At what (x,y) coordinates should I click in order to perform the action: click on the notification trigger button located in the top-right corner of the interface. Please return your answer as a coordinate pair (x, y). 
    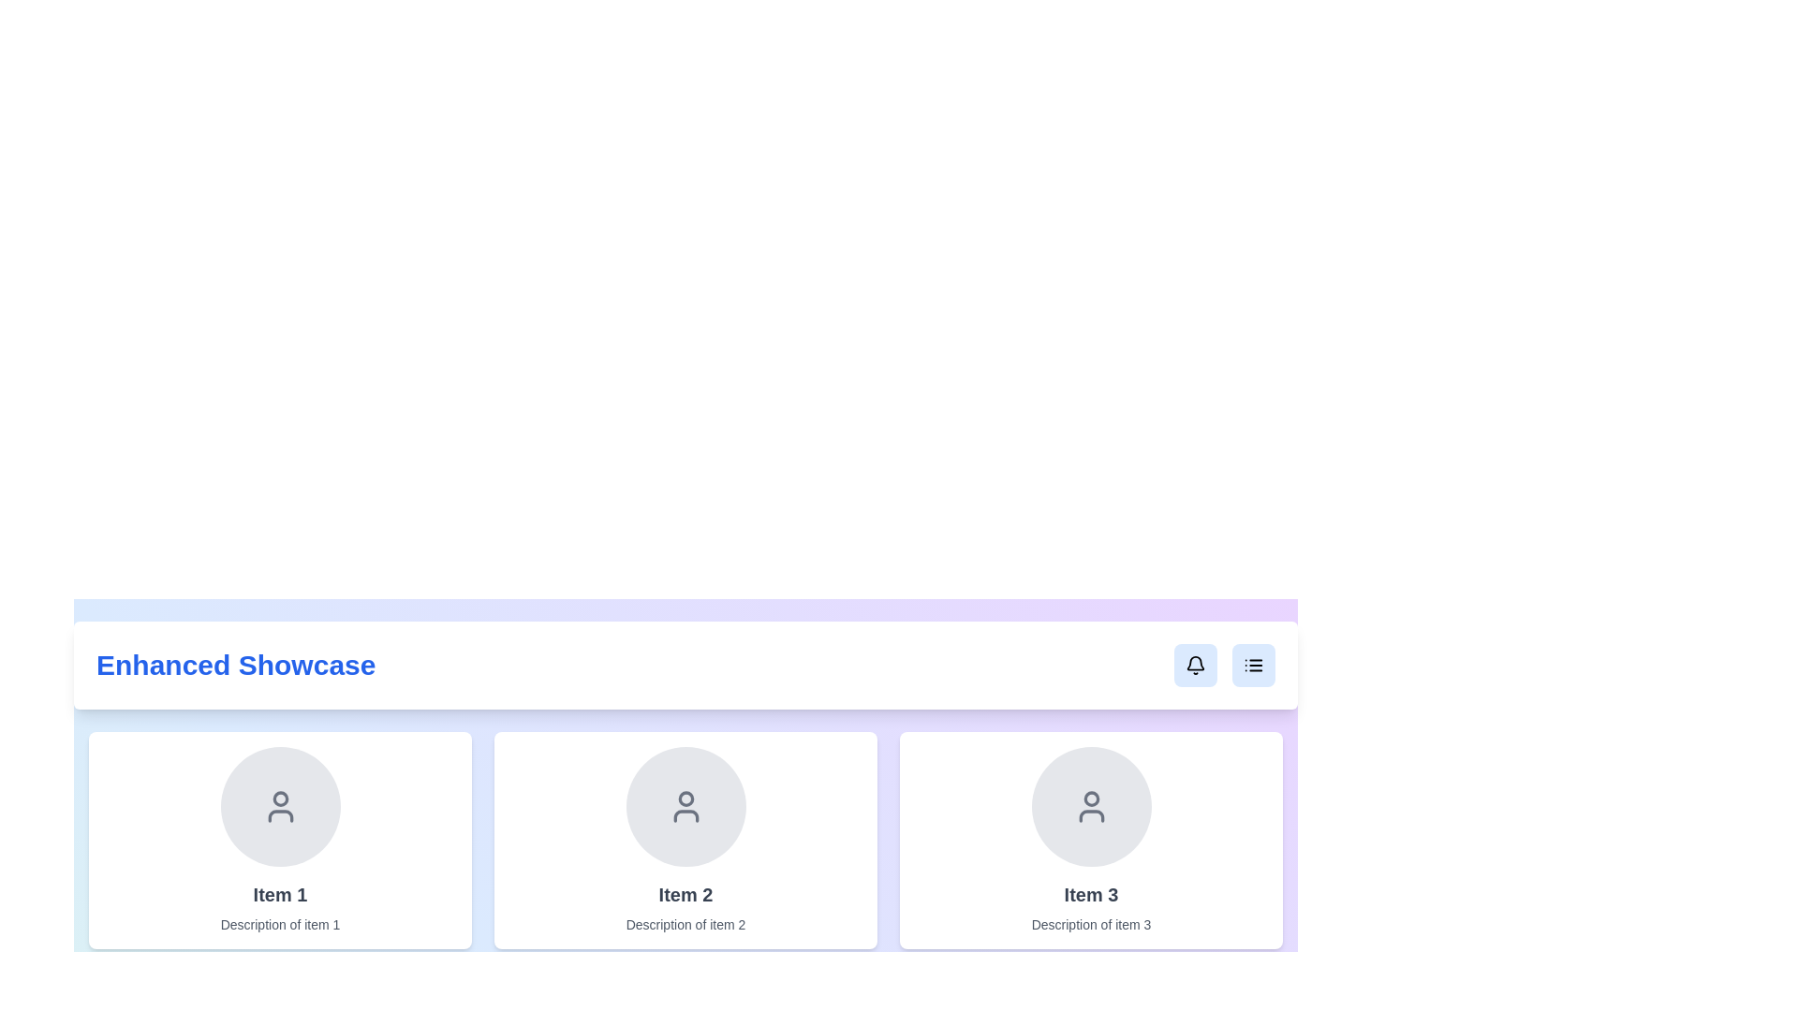
    Looking at the image, I should click on (1194, 664).